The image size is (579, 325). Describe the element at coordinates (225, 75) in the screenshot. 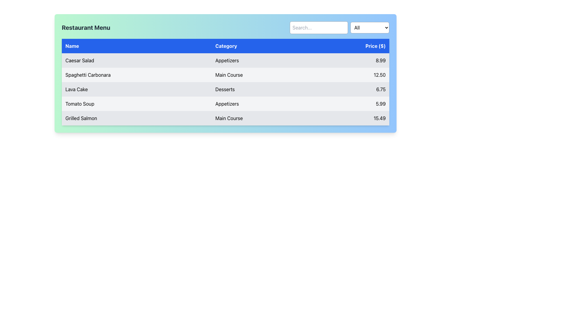

I see `the second row of the tabular menu, which contains 'Spaghetti Carbonara'` at that location.